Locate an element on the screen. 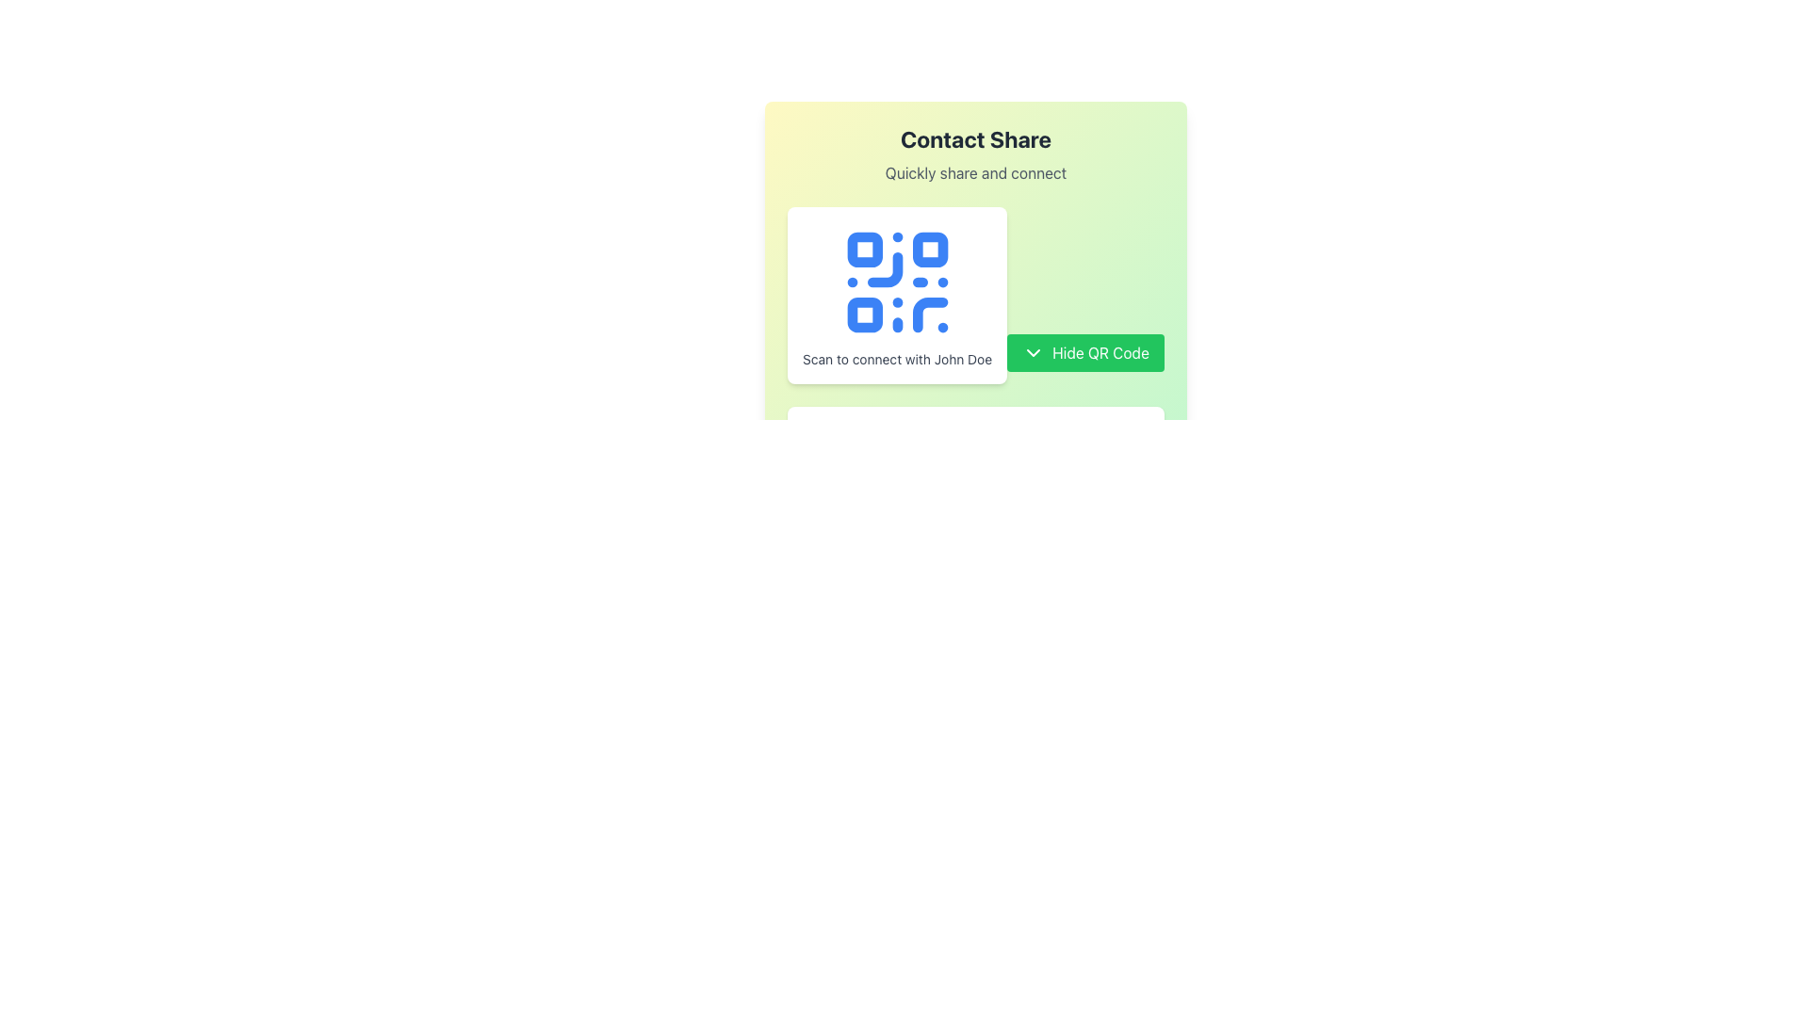 The width and height of the screenshot is (1809, 1017). the bold text element displaying 'Contact Share' is located at coordinates (976, 137).